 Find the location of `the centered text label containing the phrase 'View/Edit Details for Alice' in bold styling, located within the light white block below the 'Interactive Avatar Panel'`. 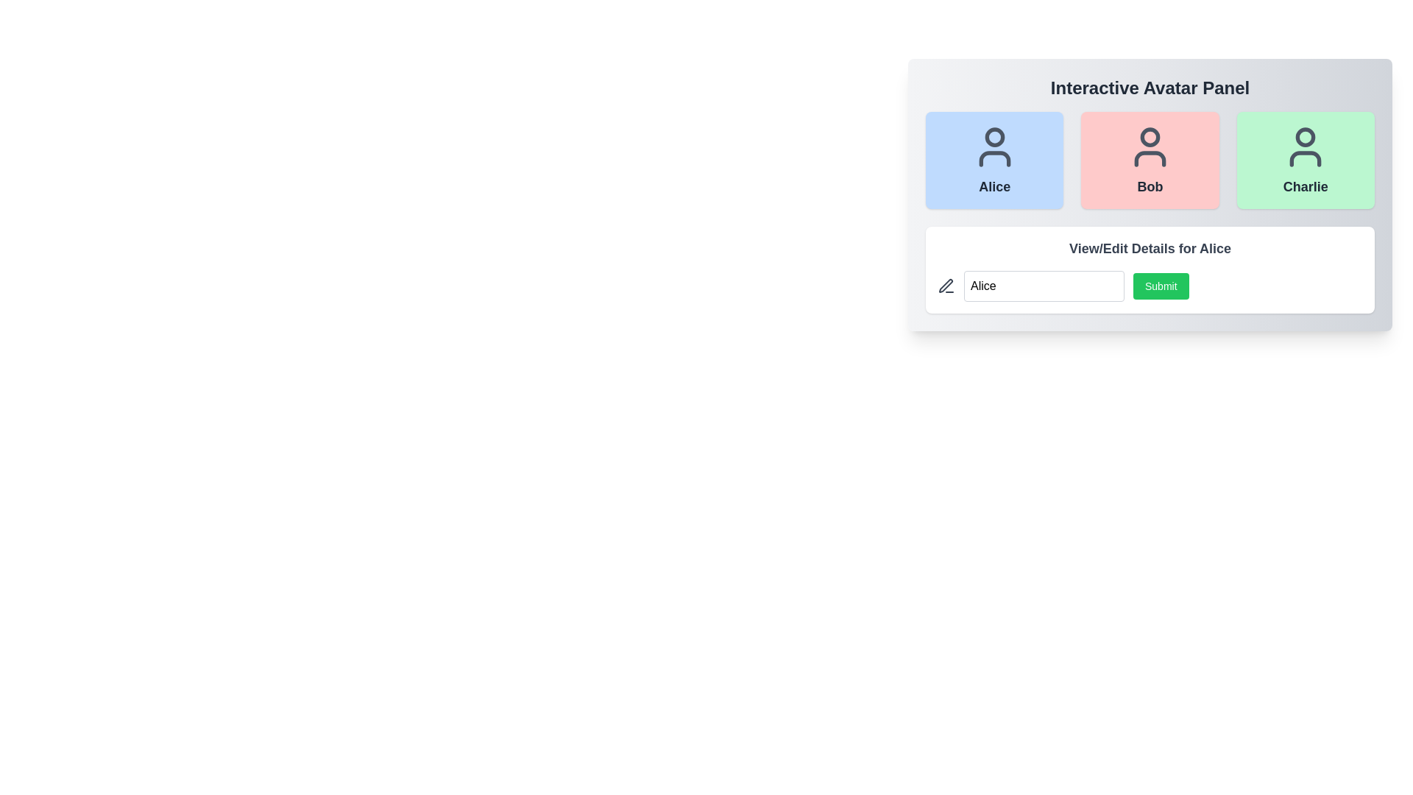

the centered text label containing the phrase 'View/Edit Details for Alice' in bold styling, located within the light white block below the 'Interactive Avatar Panel' is located at coordinates (1150, 248).